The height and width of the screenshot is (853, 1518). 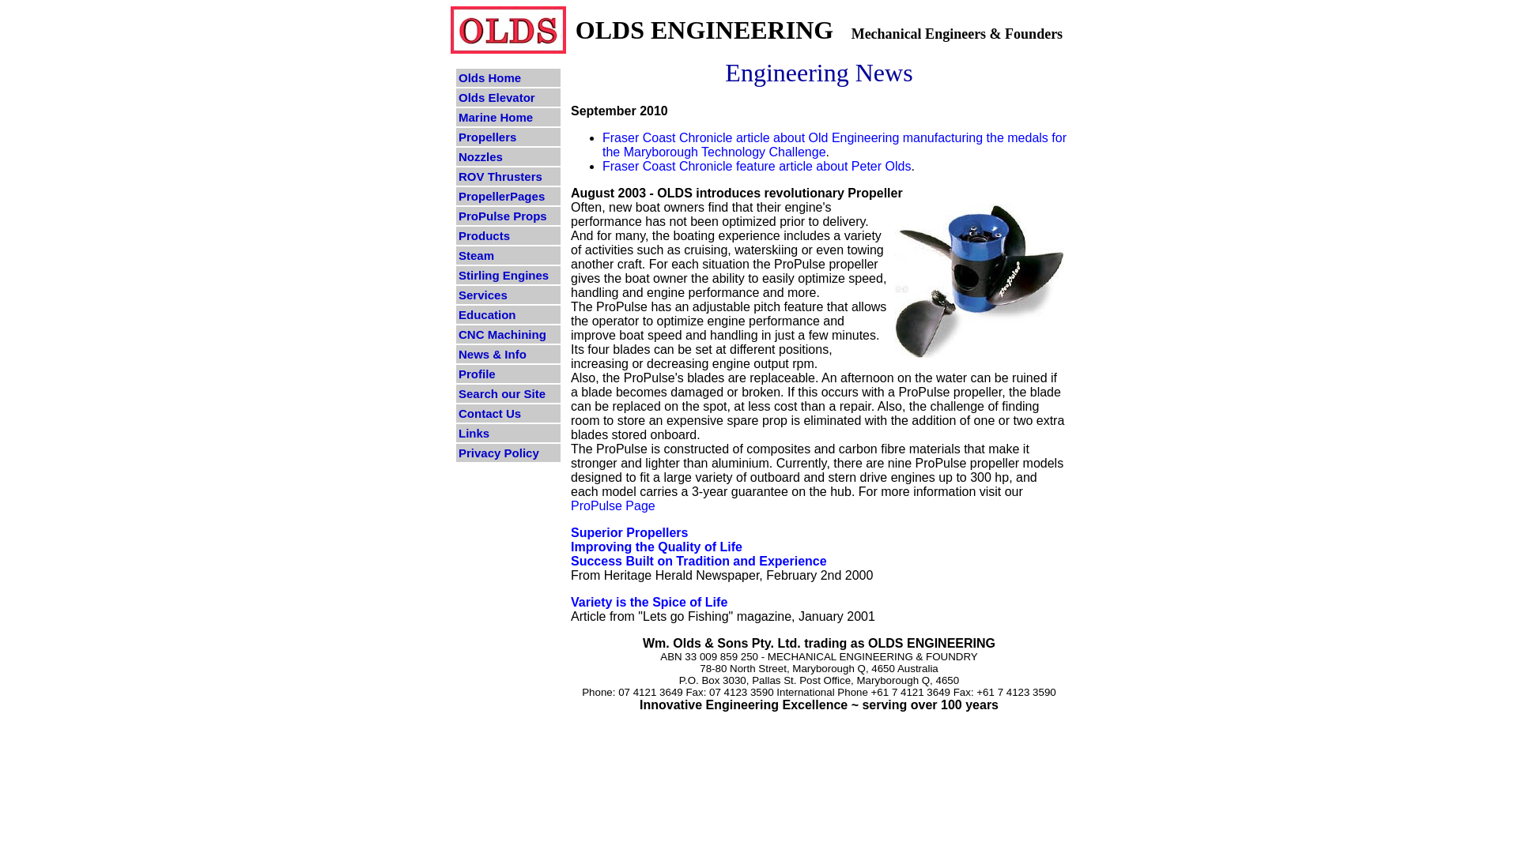 What do you see at coordinates (508, 156) in the screenshot?
I see `'Nozzles'` at bounding box center [508, 156].